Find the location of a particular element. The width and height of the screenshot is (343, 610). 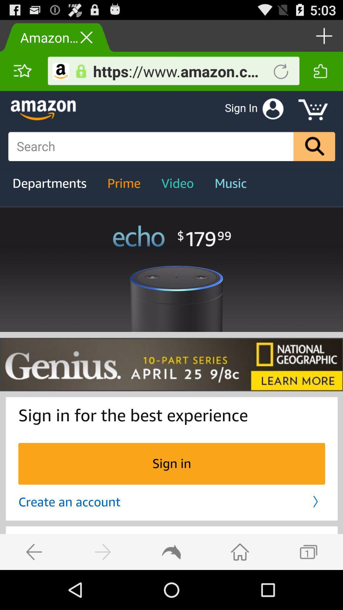

advertisement page is located at coordinates (171, 330).